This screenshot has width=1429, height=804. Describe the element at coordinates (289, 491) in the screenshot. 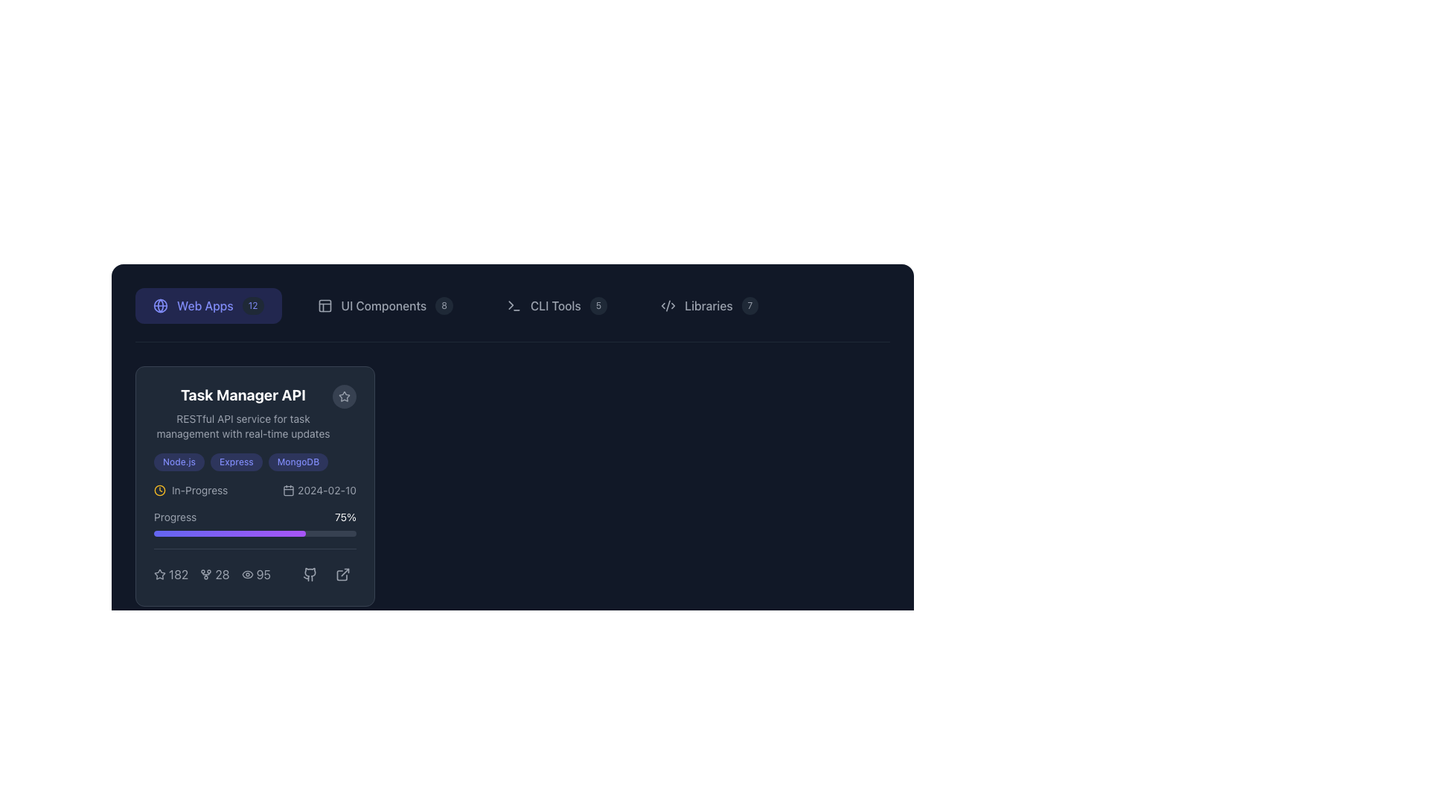

I see `the calendar icon located in the top-right area of the task details card` at that location.